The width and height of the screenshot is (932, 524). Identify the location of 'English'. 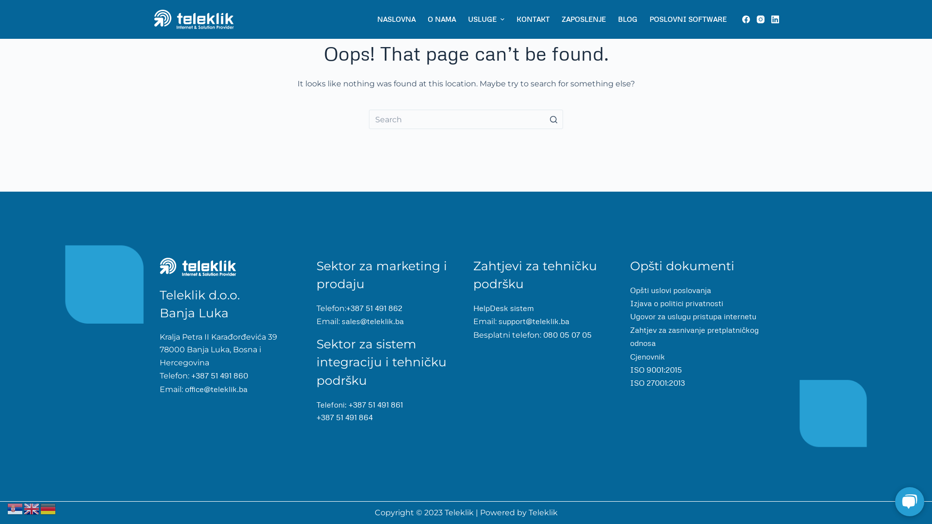
(23, 507).